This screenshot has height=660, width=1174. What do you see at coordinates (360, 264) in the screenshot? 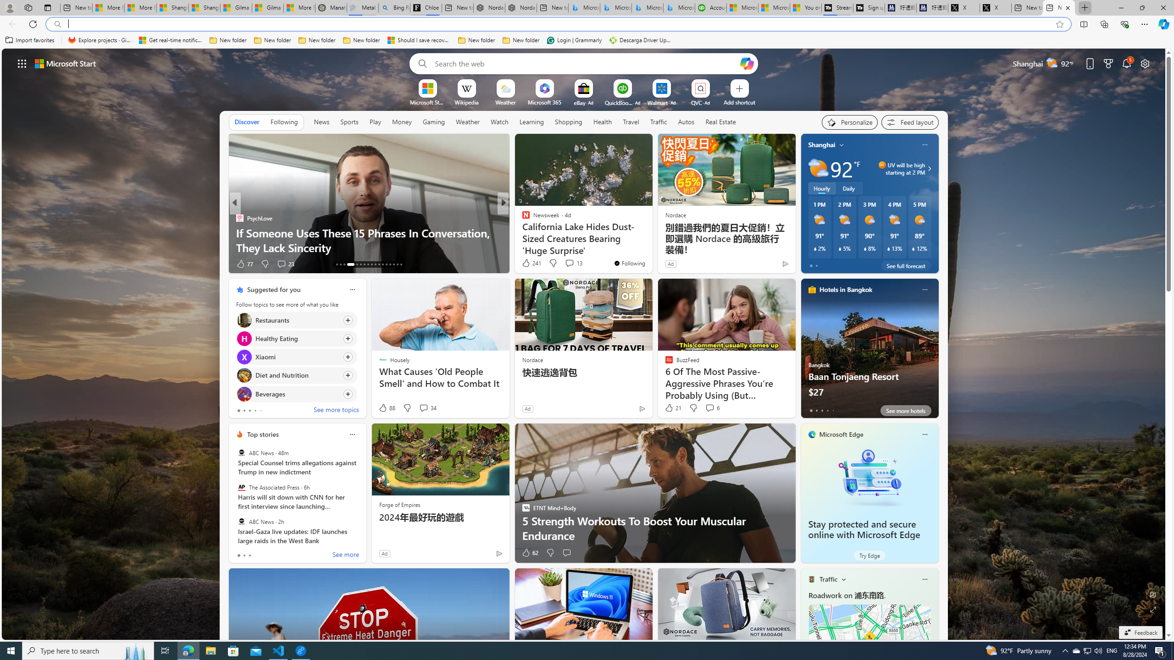
I see `'AutomationID: tab-18'` at bounding box center [360, 264].